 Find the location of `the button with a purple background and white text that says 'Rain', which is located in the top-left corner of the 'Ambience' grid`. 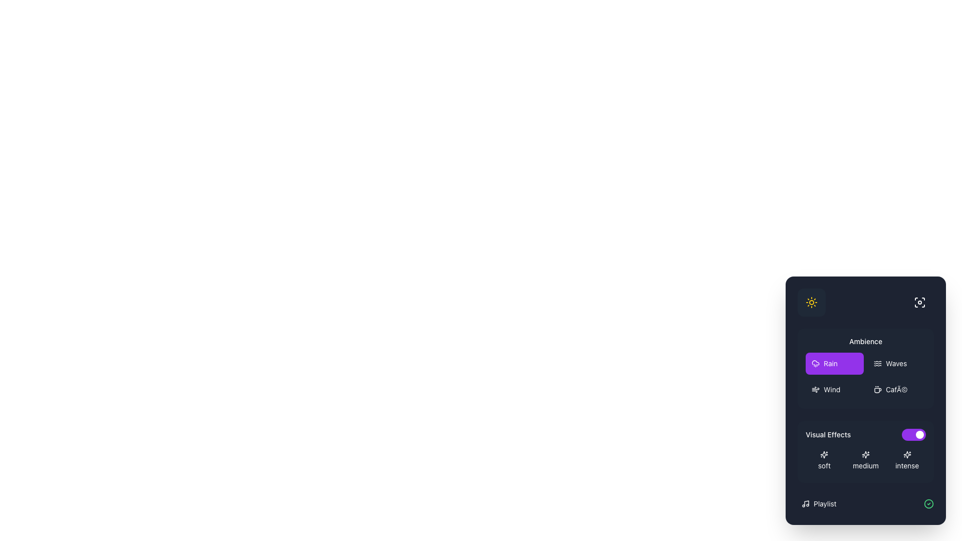

the button with a purple background and white text that says 'Rain', which is located in the top-left corner of the 'Ambience' grid is located at coordinates (834, 363).